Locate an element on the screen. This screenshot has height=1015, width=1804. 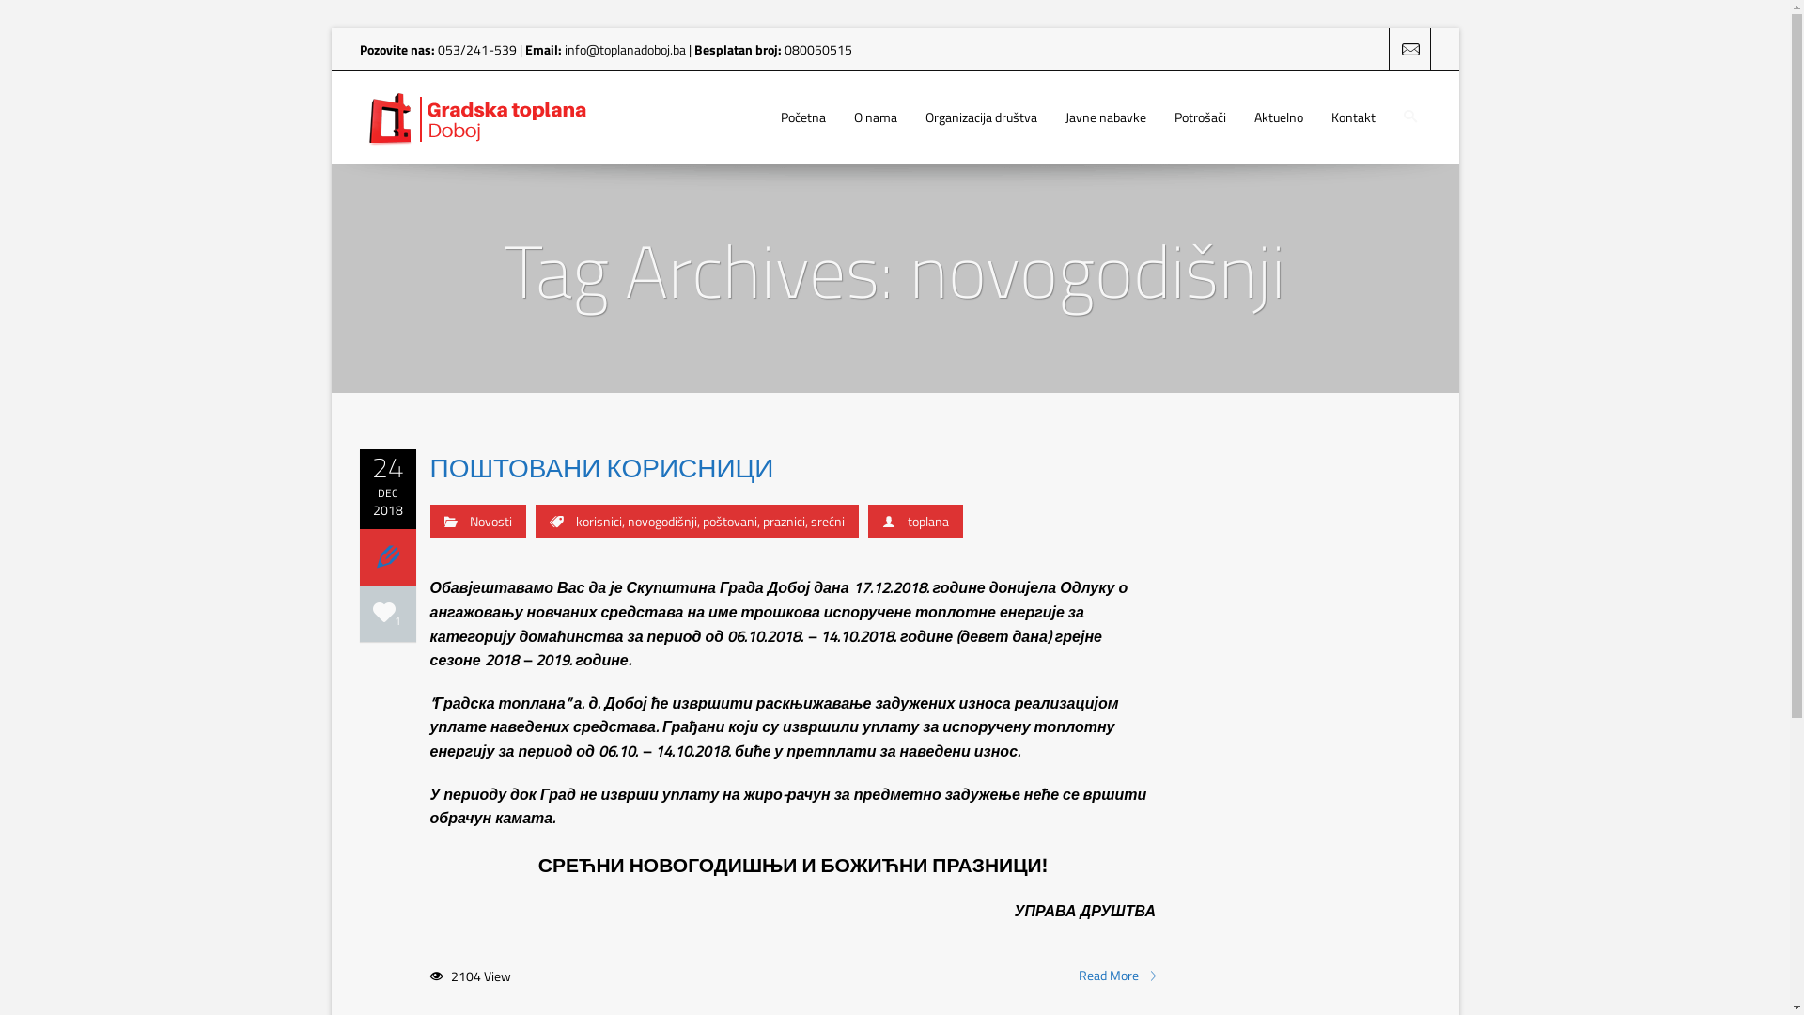
'korisnici' is located at coordinates (597, 521).